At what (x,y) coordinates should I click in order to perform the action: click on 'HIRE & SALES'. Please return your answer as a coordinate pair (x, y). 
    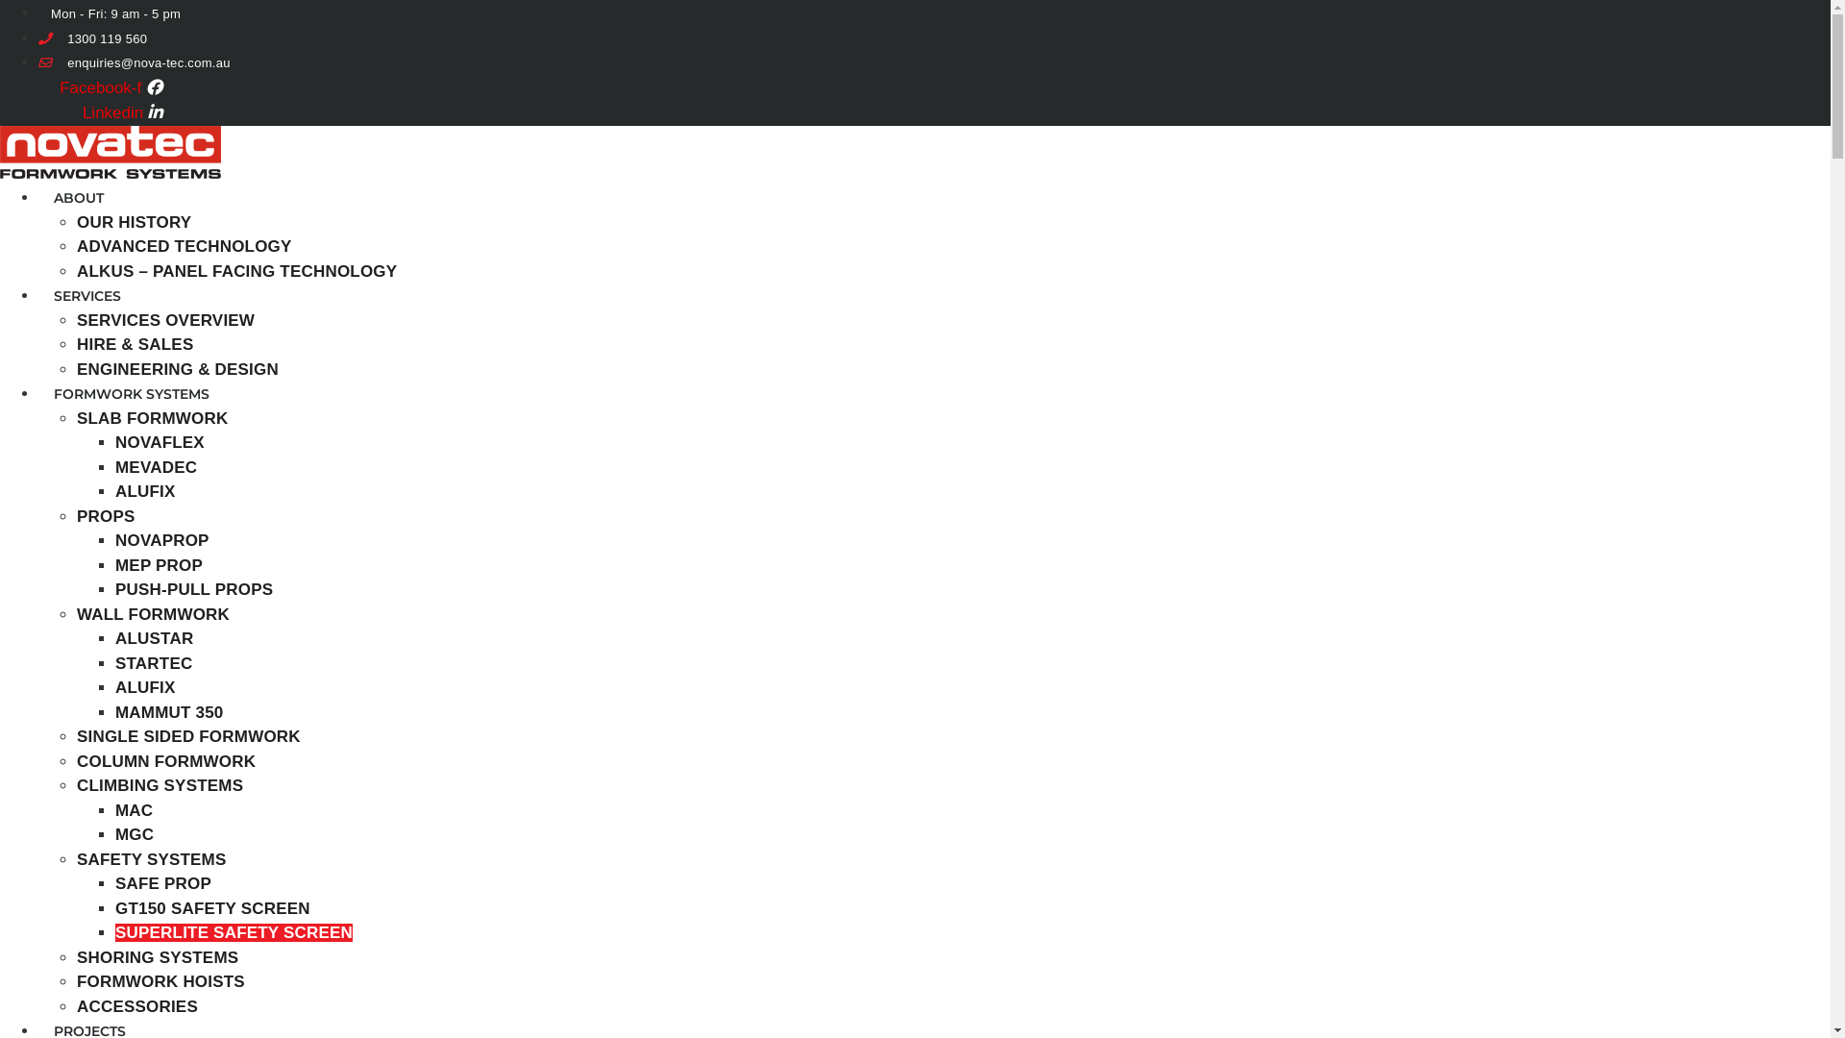
    Looking at the image, I should click on (134, 343).